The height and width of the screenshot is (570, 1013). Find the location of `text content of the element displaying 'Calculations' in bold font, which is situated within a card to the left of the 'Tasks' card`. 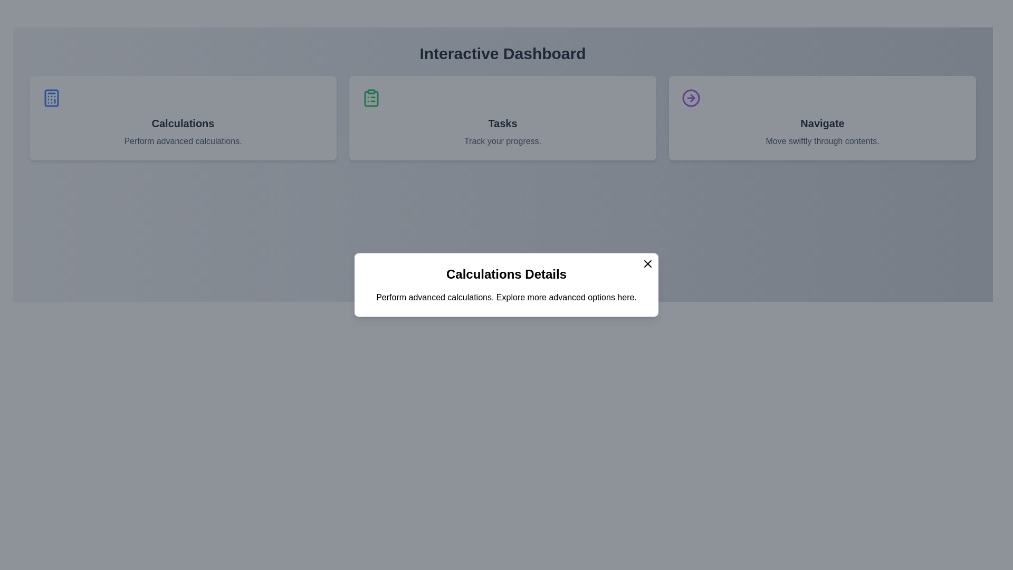

text content of the element displaying 'Calculations' in bold font, which is situated within a card to the left of the 'Tasks' card is located at coordinates (183, 123).